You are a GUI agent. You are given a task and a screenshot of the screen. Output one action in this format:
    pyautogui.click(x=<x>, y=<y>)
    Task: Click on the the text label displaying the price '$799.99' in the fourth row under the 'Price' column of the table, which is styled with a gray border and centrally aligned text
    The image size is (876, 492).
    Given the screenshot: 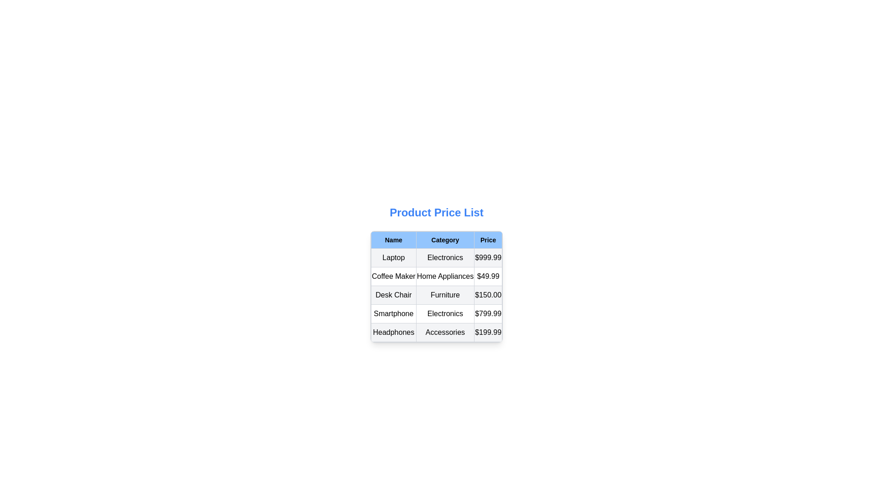 What is the action you would take?
    pyautogui.click(x=488, y=313)
    